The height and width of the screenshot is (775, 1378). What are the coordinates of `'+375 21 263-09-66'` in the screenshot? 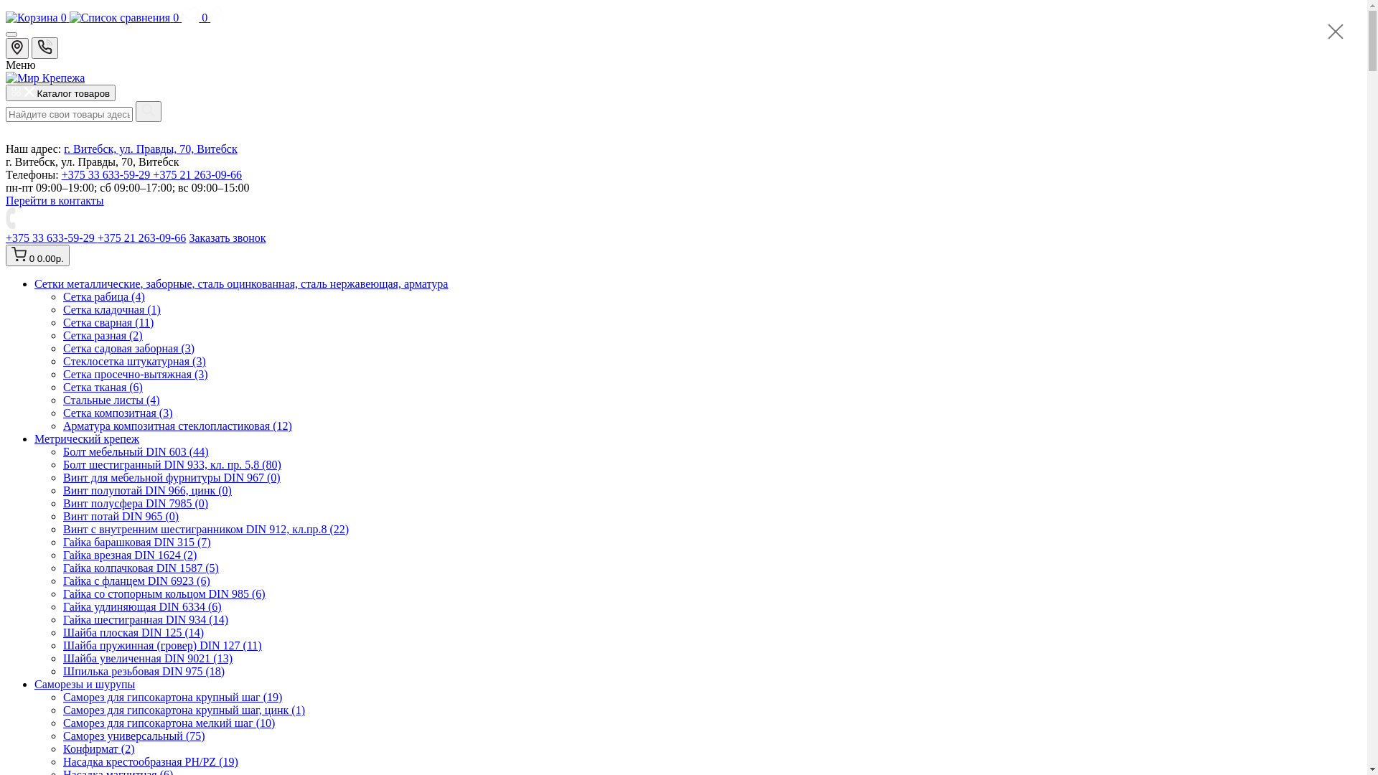 It's located at (196, 174).